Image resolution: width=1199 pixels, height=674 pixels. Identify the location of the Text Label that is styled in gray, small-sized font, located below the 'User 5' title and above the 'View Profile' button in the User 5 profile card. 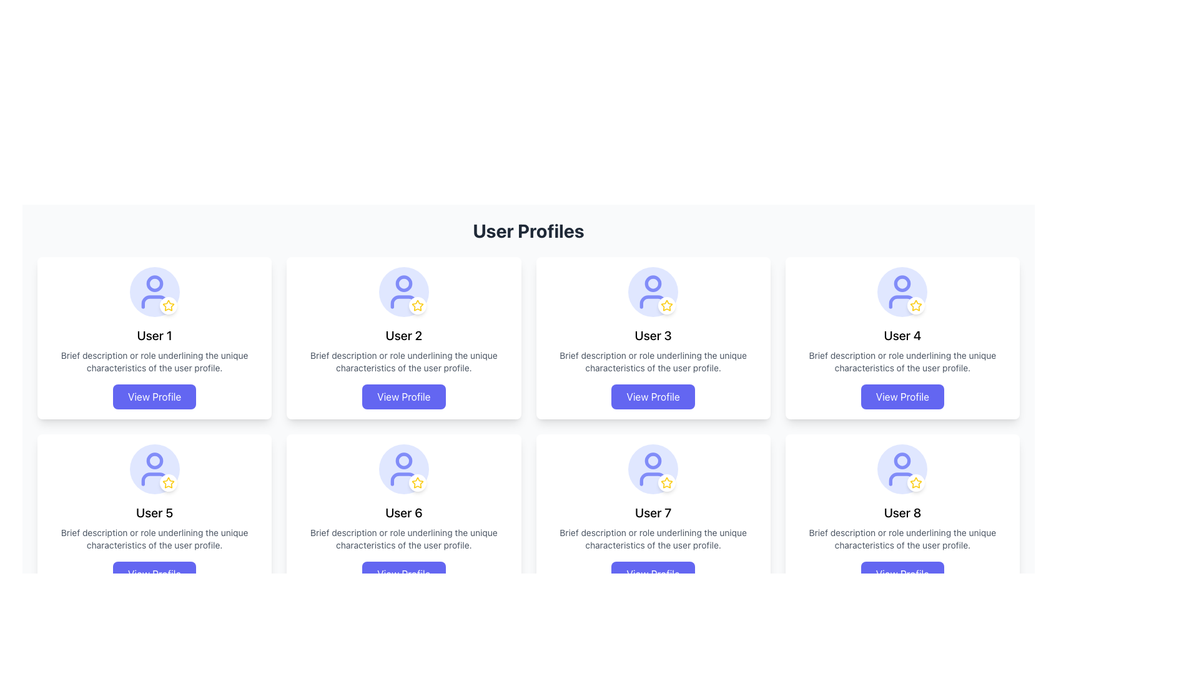
(154, 539).